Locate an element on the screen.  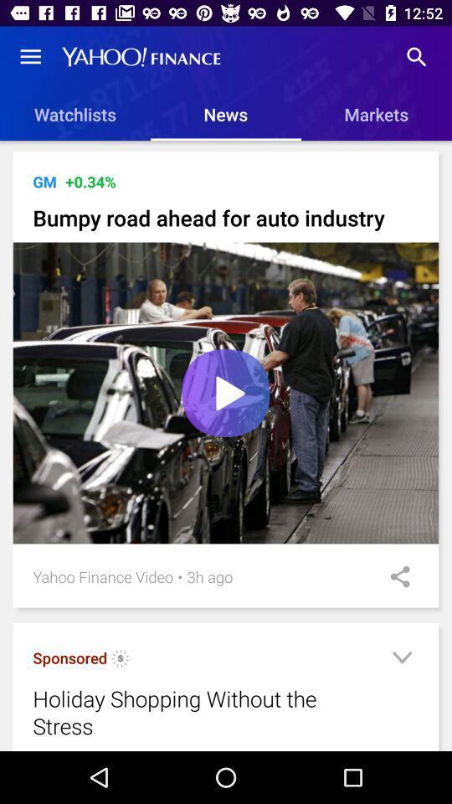
sponsor info is located at coordinates (120, 661).